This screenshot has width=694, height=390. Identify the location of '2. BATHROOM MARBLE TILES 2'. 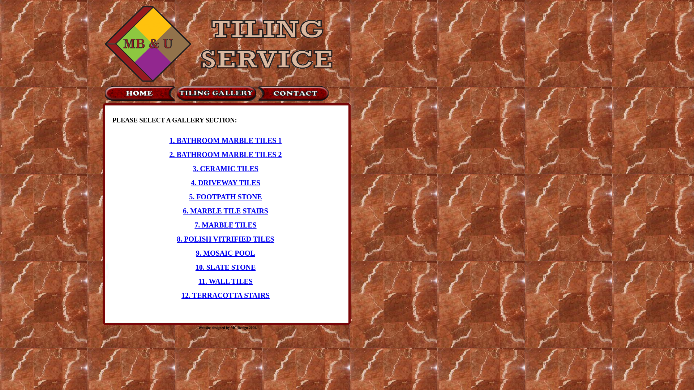
(225, 154).